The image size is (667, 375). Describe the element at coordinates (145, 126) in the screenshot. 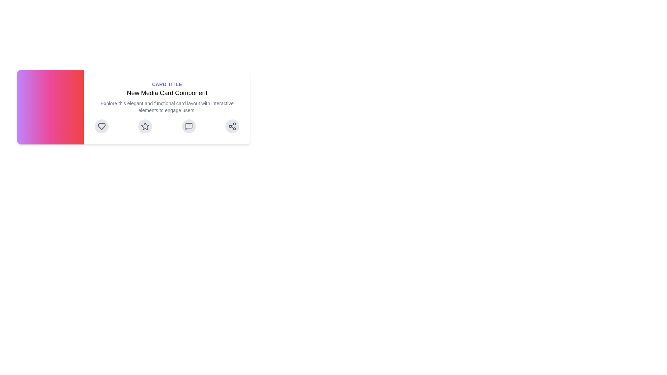

I see `the second button from the left in the horizontal arrangement of buttons below the title and descriptive text to favorite or rate the item` at that location.